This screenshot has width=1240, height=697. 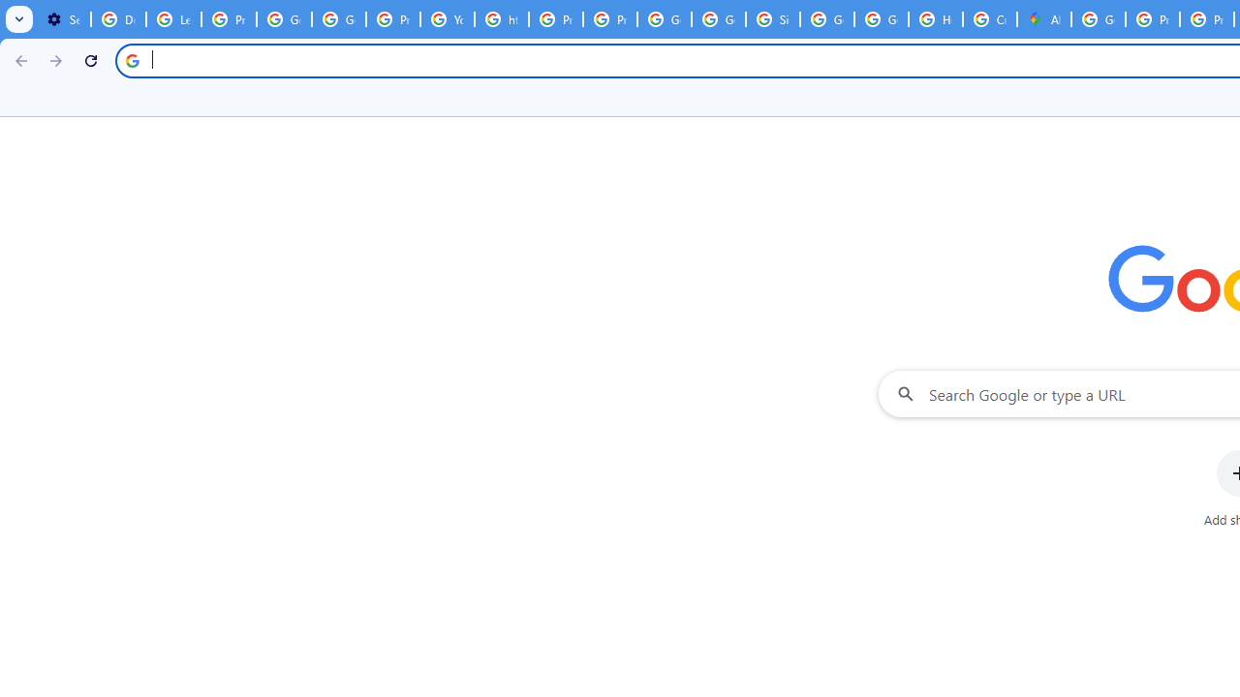 What do you see at coordinates (117, 19) in the screenshot?
I see `'Delete photos & videos - Computer - Google Photos Help'` at bounding box center [117, 19].